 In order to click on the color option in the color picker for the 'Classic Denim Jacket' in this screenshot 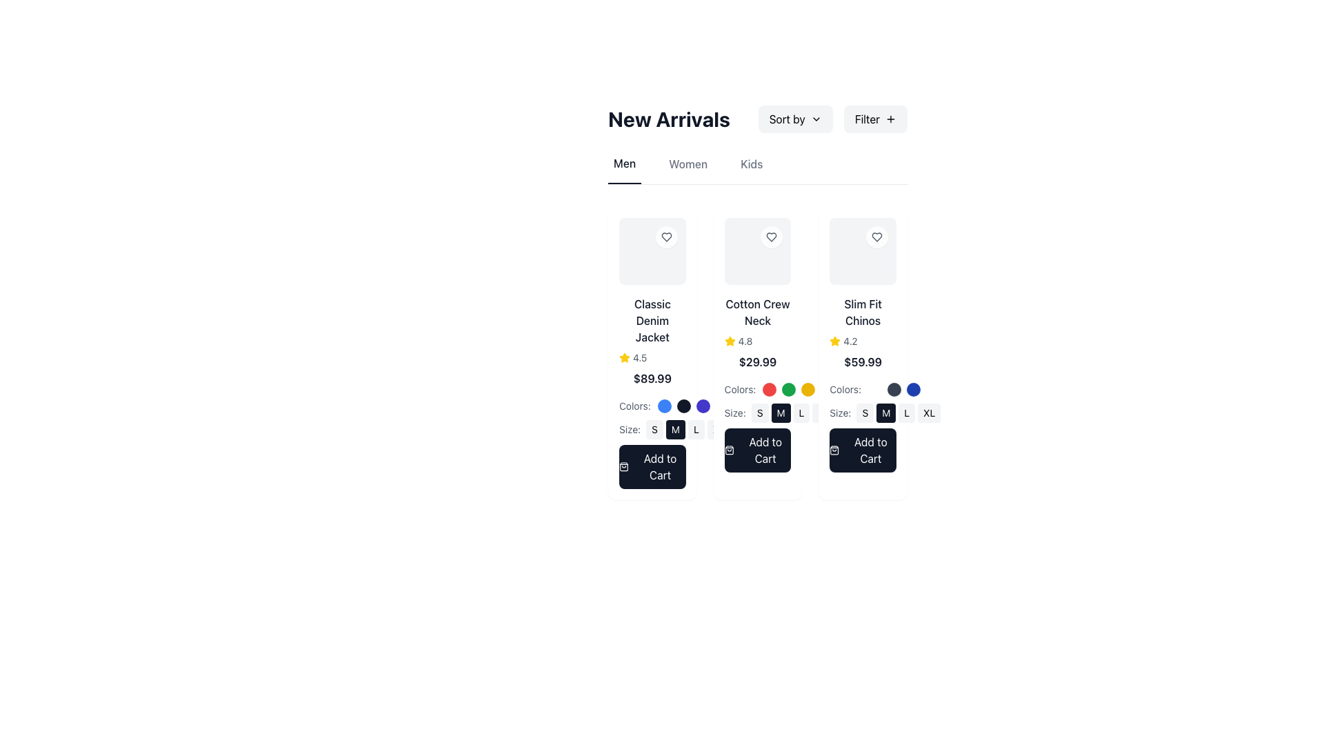, I will do `click(651, 402)`.